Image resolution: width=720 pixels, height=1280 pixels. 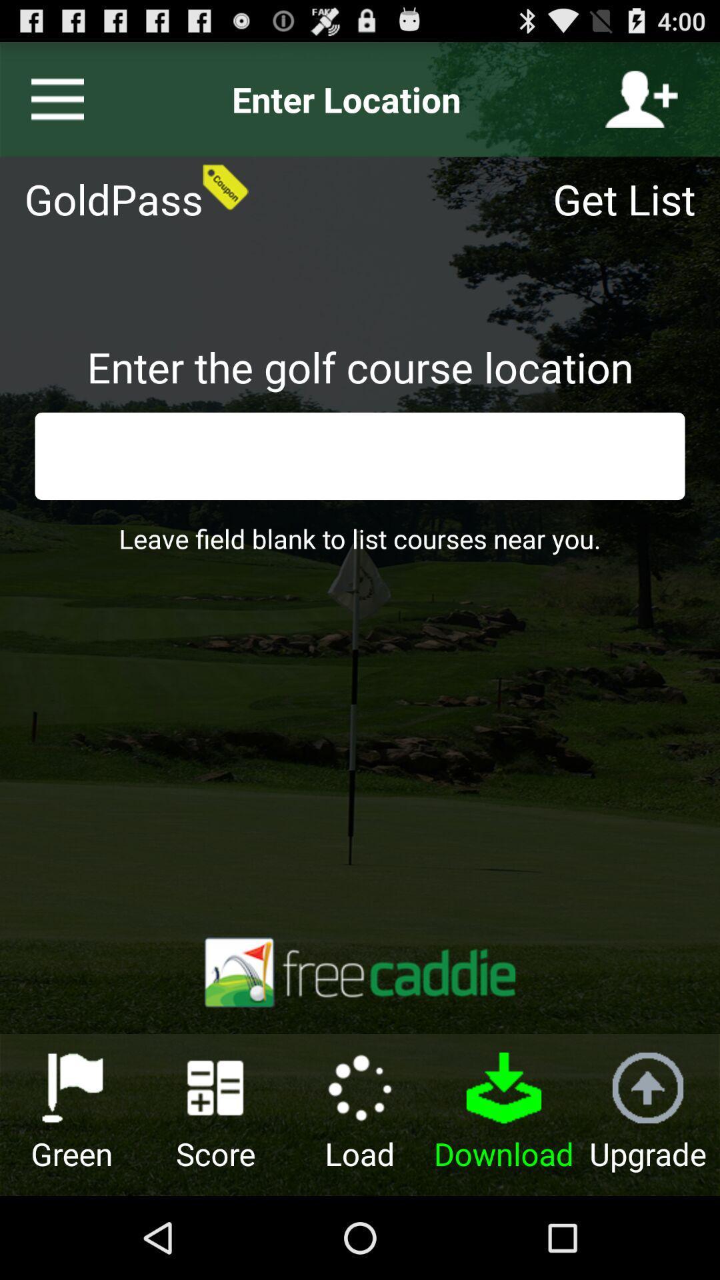 I want to click on the follow icon, so click(x=641, y=105).